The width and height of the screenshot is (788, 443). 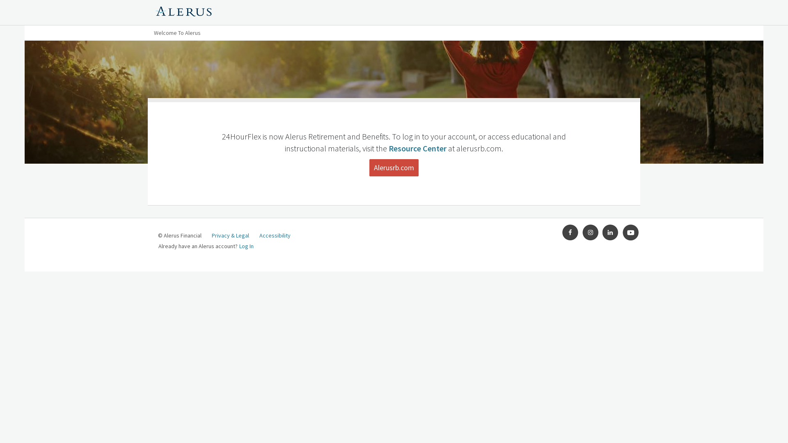 What do you see at coordinates (602, 233) in the screenshot?
I see `'LinkedIn'` at bounding box center [602, 233].